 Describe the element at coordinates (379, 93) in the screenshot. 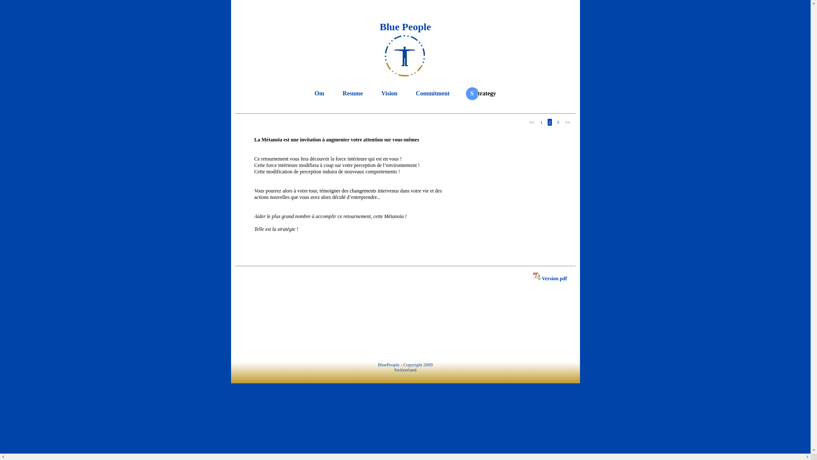

I see `'Vision'` at that location.